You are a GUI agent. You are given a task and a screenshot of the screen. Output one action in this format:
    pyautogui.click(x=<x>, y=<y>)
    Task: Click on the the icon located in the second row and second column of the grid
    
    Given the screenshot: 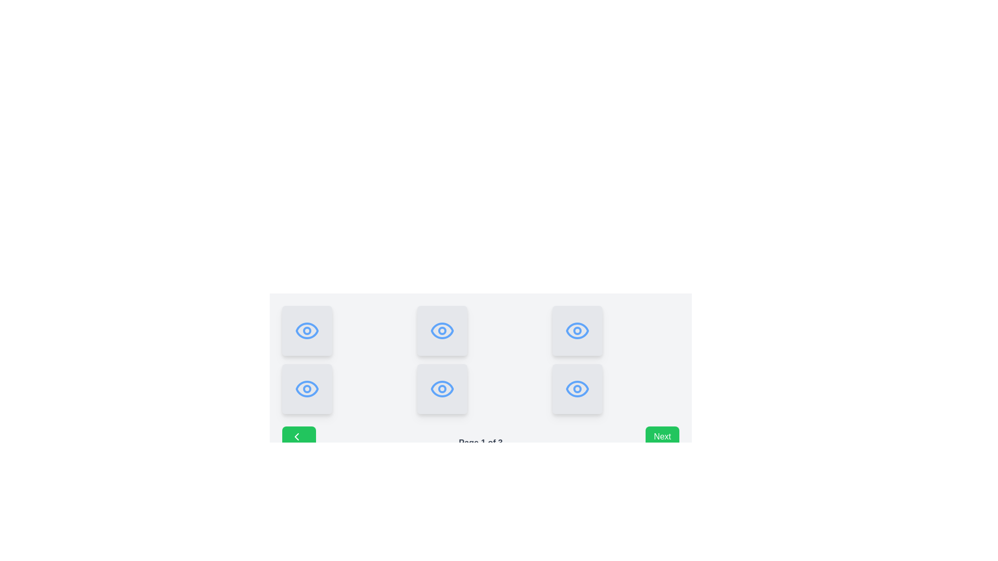 What is the action you would take?
    pyautogui.click(x=442, y=330)
    